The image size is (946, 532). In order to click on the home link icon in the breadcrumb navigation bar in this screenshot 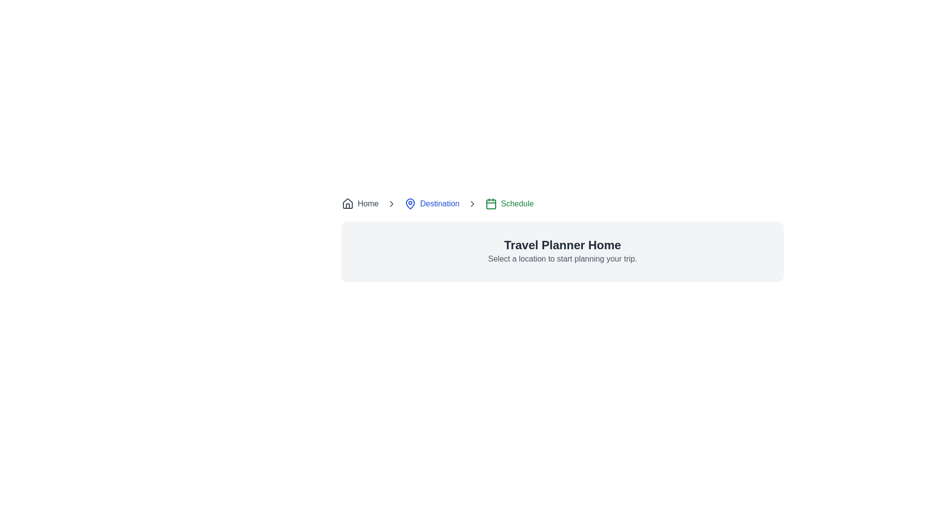, I will do `click(347, 203)`.